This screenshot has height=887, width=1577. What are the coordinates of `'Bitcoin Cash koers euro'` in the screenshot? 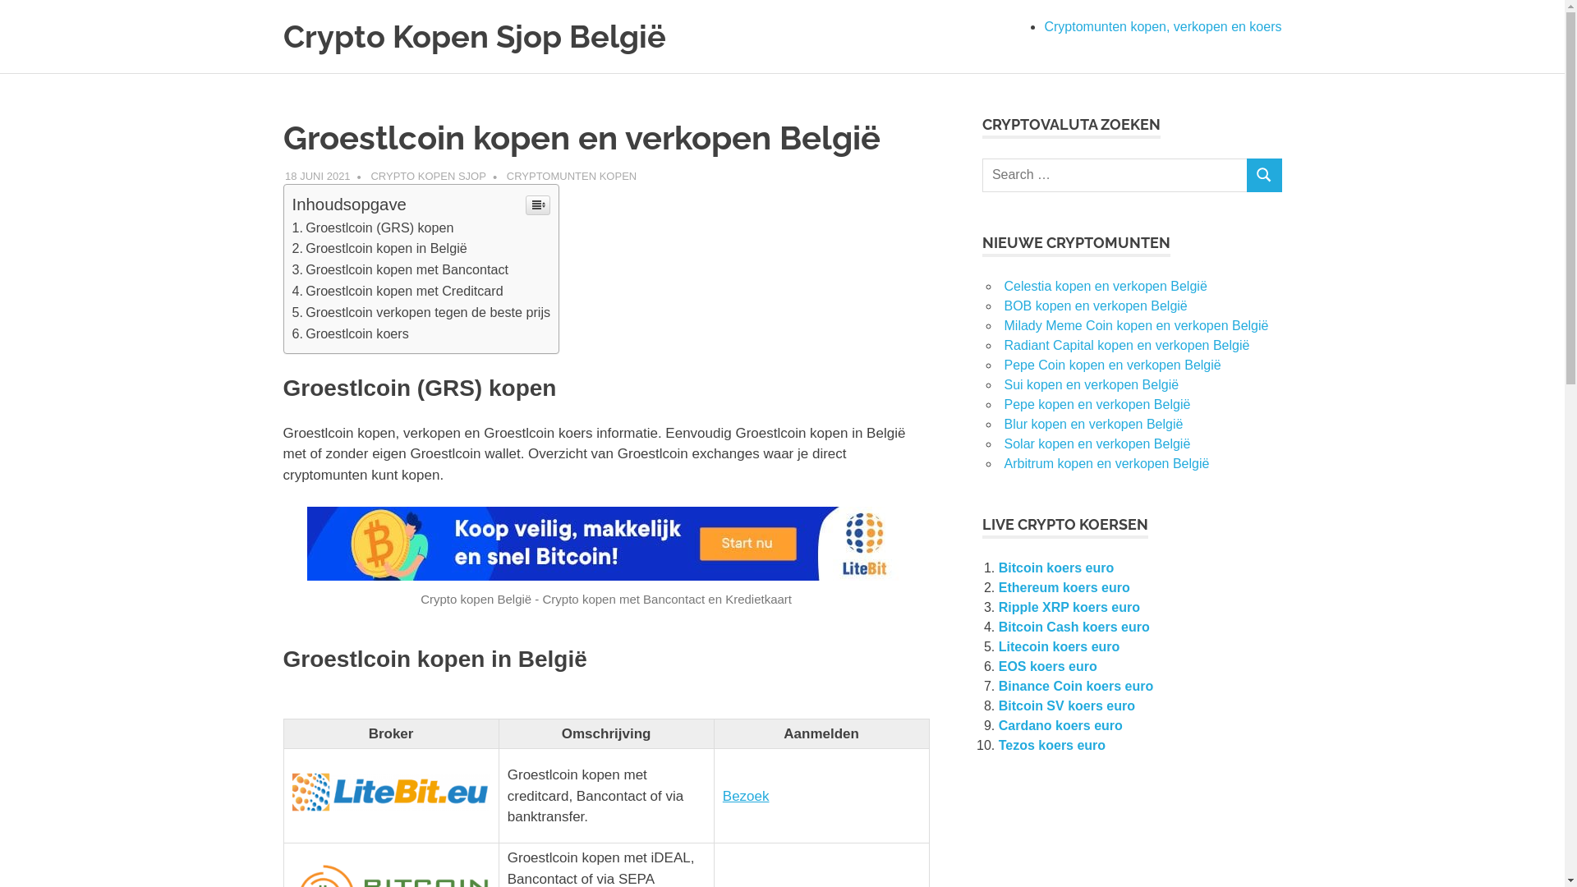 It's located at (1074, 627).